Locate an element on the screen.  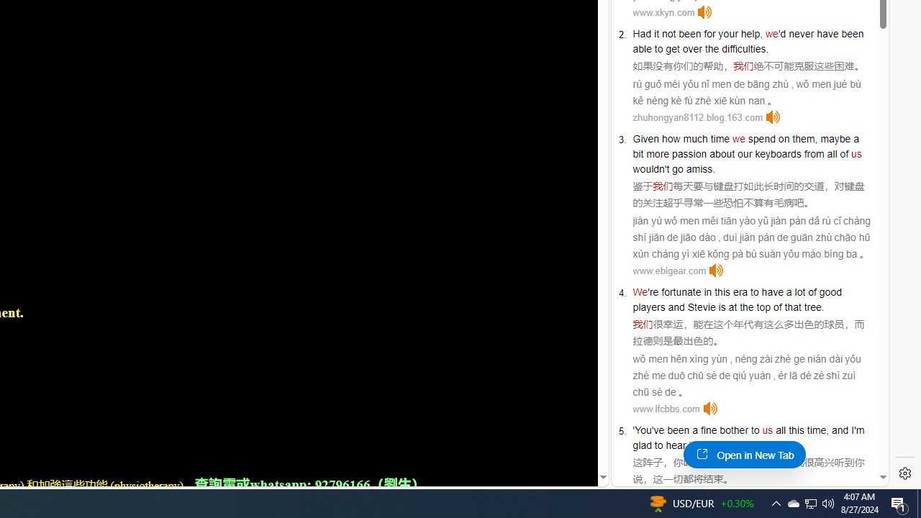
'over' is located at coordinates (692, 48).